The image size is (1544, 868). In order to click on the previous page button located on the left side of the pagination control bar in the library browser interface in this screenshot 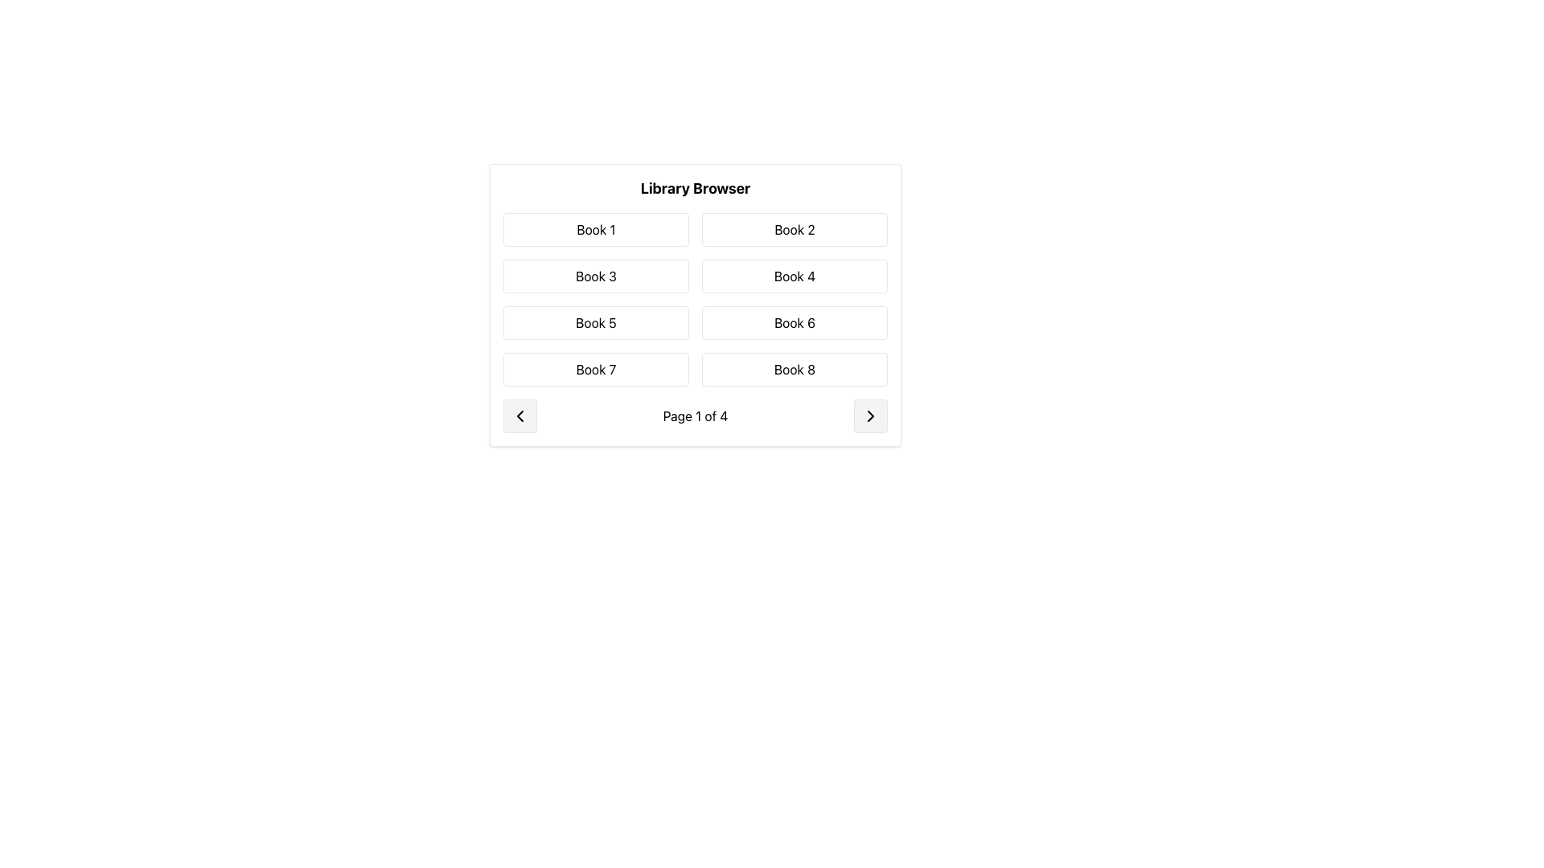, I will do `click(520, 415)`.